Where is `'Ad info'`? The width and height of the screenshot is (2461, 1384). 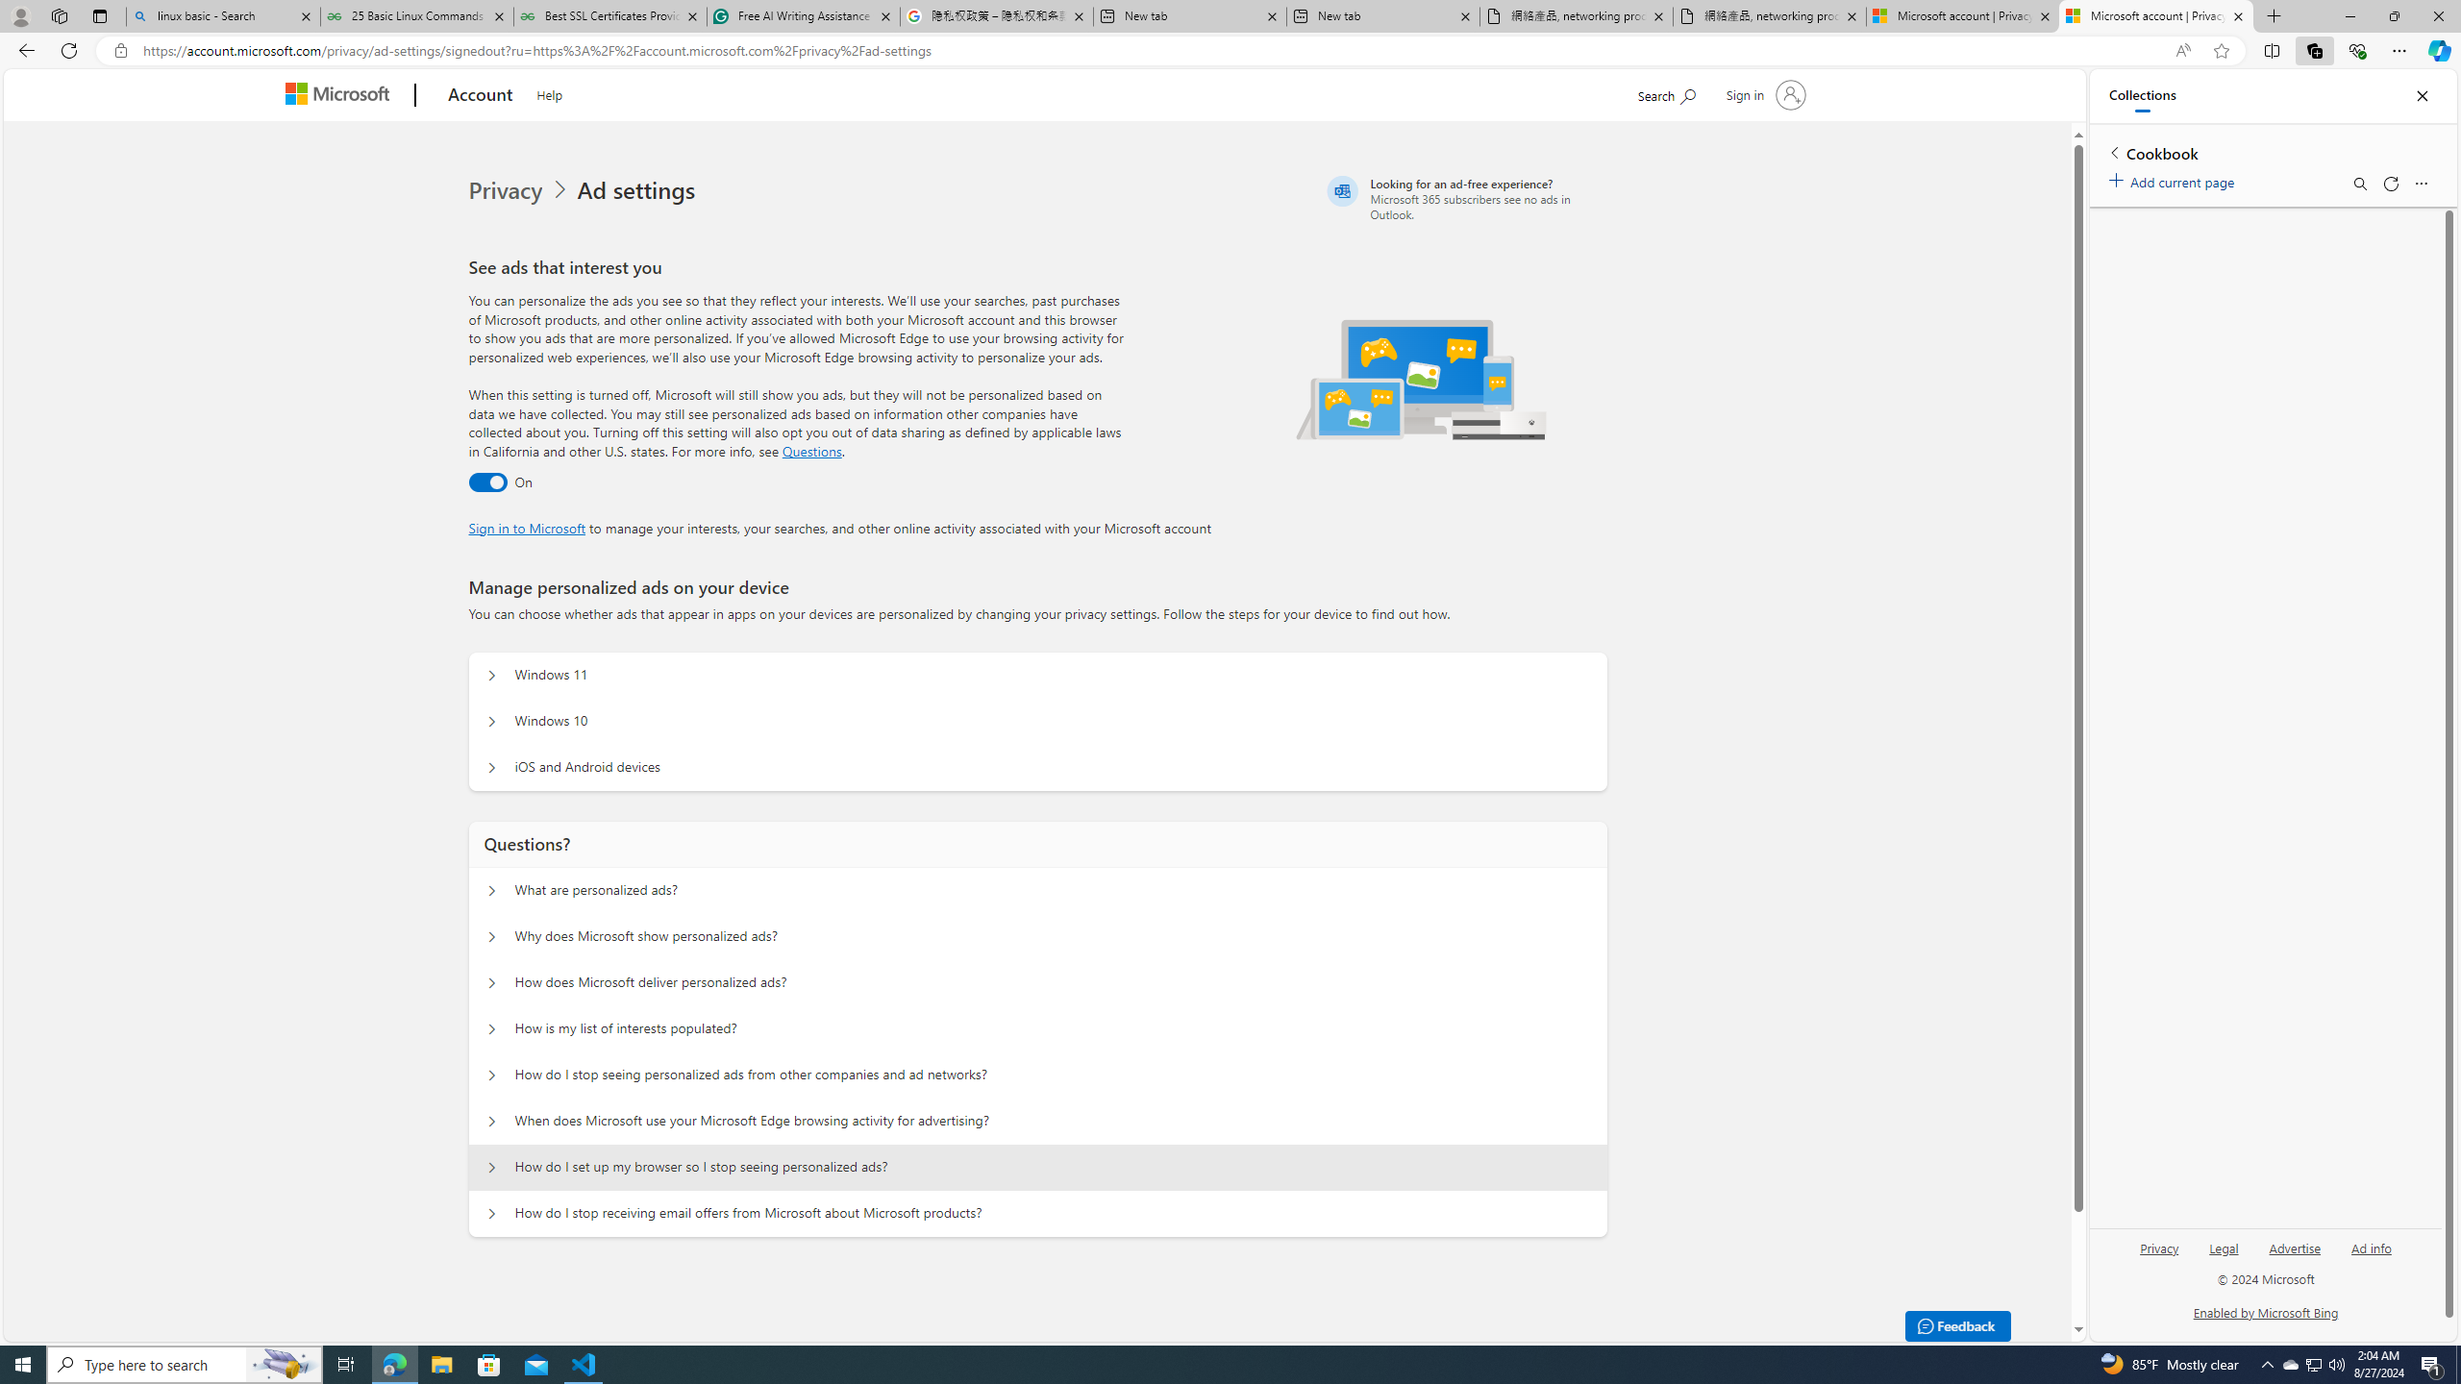
'Ad info' is located at coordinates (2371, 1248).